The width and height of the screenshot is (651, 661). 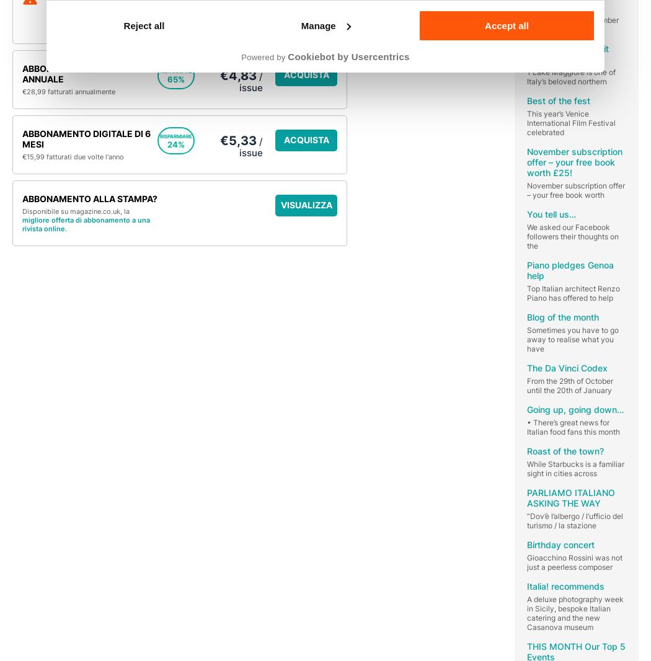 What do you see at coordinates (317, 24) in the screenshot?
I see `'Manage'` at bounding box center [317, 24].